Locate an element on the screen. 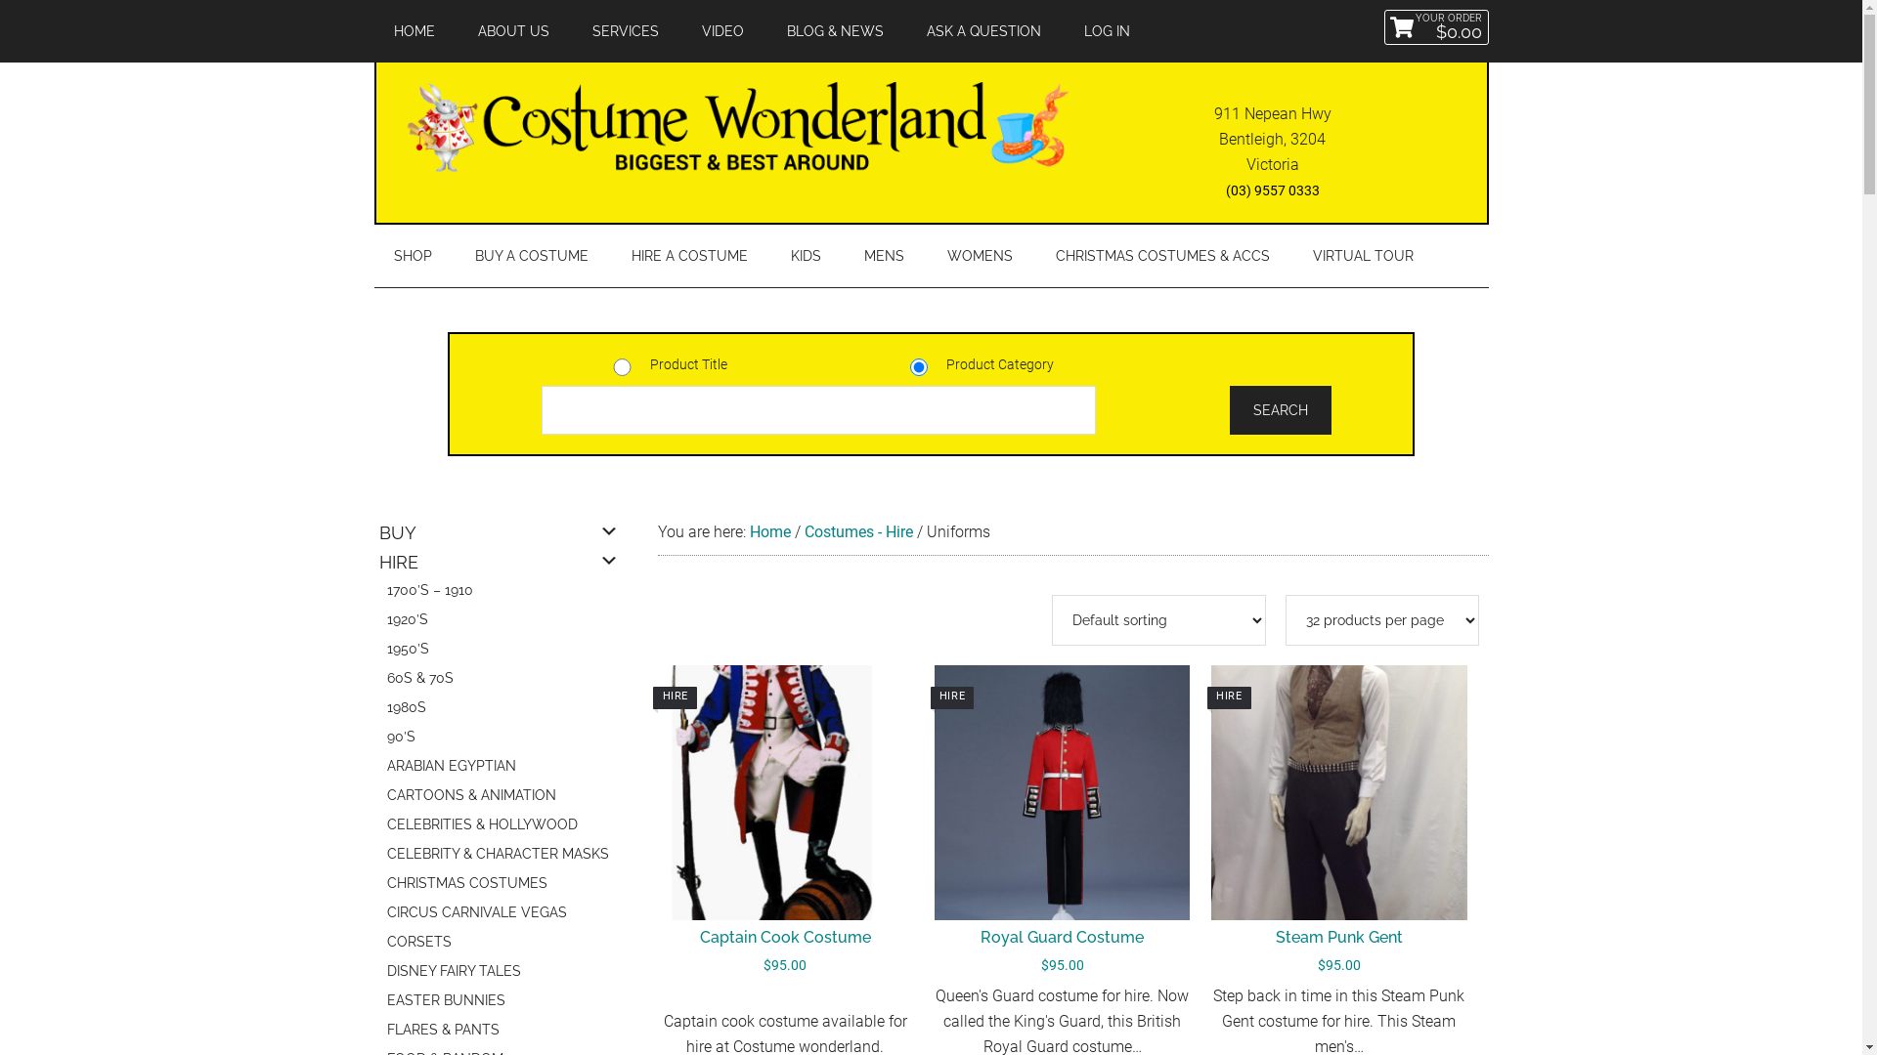  'SERVICES' is located at coordinates (624, 30).